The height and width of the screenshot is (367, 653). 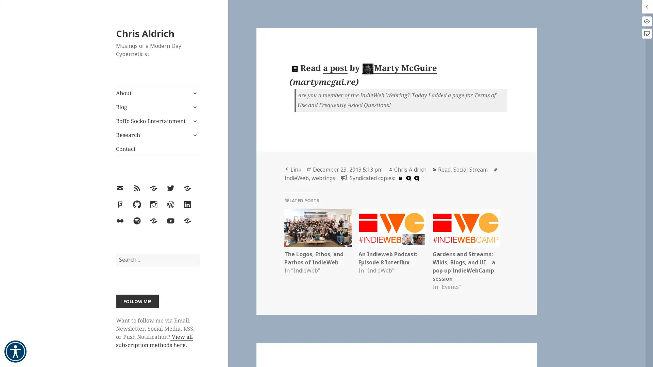 I want to click on expand child menu, so click(x=194, y=120).